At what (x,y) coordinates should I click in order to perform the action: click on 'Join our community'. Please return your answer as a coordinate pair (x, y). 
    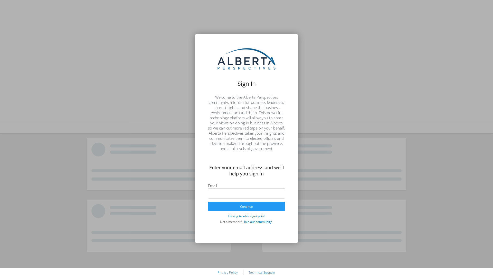
    Looking at the image, I should click on (242, 221).